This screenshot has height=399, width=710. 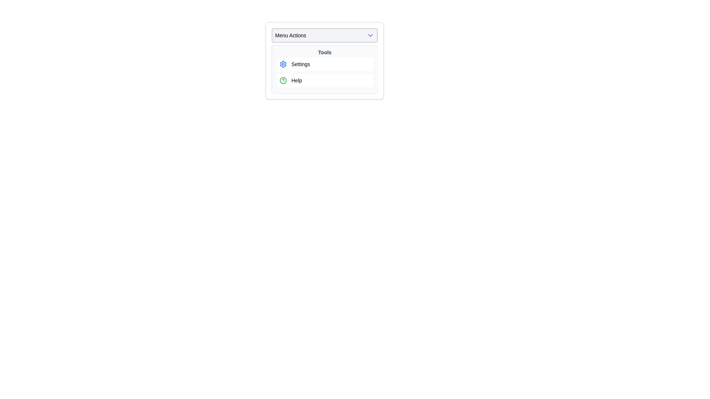 I want to click on the circular outline of the 'Help' menu option icon, which serves as a decorative element in the dropdown menu under 'Menu Actions', so click(x=283, y=81).